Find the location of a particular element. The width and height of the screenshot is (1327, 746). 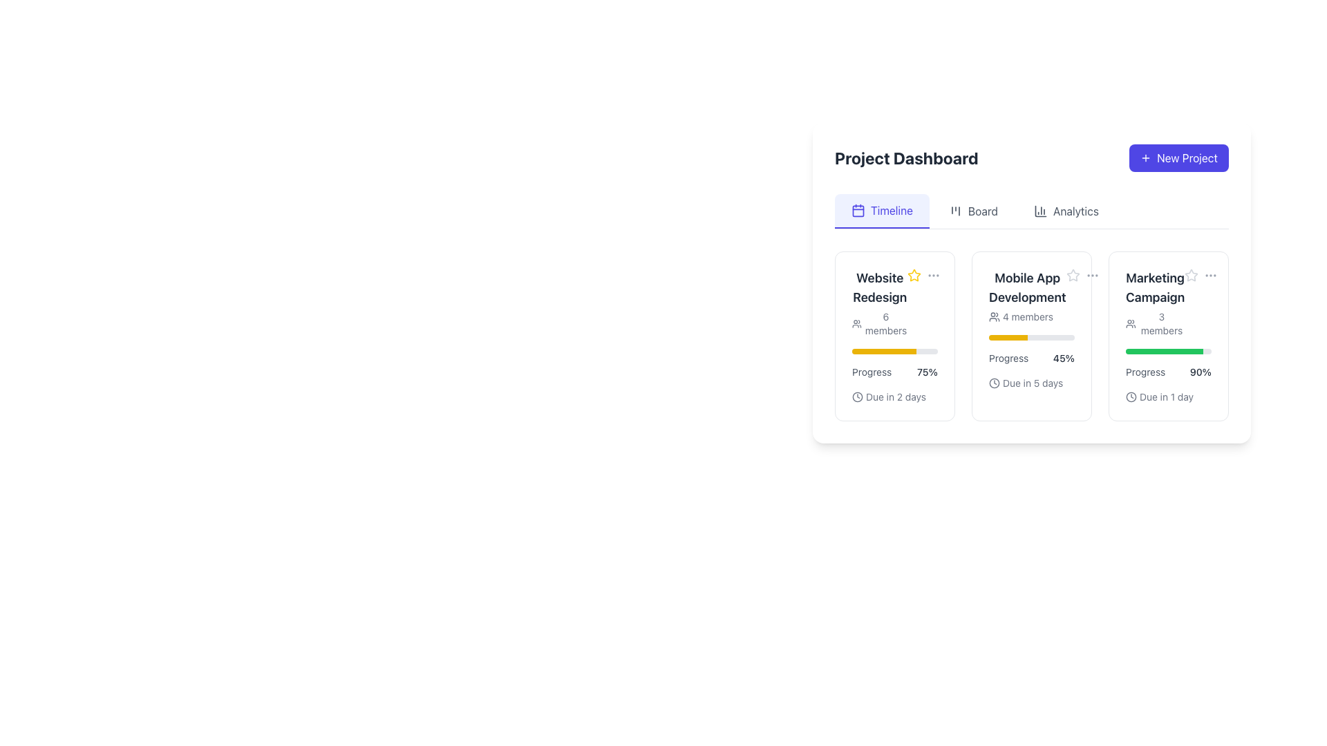

the decorative icon located to the left of the text '4 members' in the card titled 'Mobile App Development' on the dashboard interface is located at coordinates (994, 317).